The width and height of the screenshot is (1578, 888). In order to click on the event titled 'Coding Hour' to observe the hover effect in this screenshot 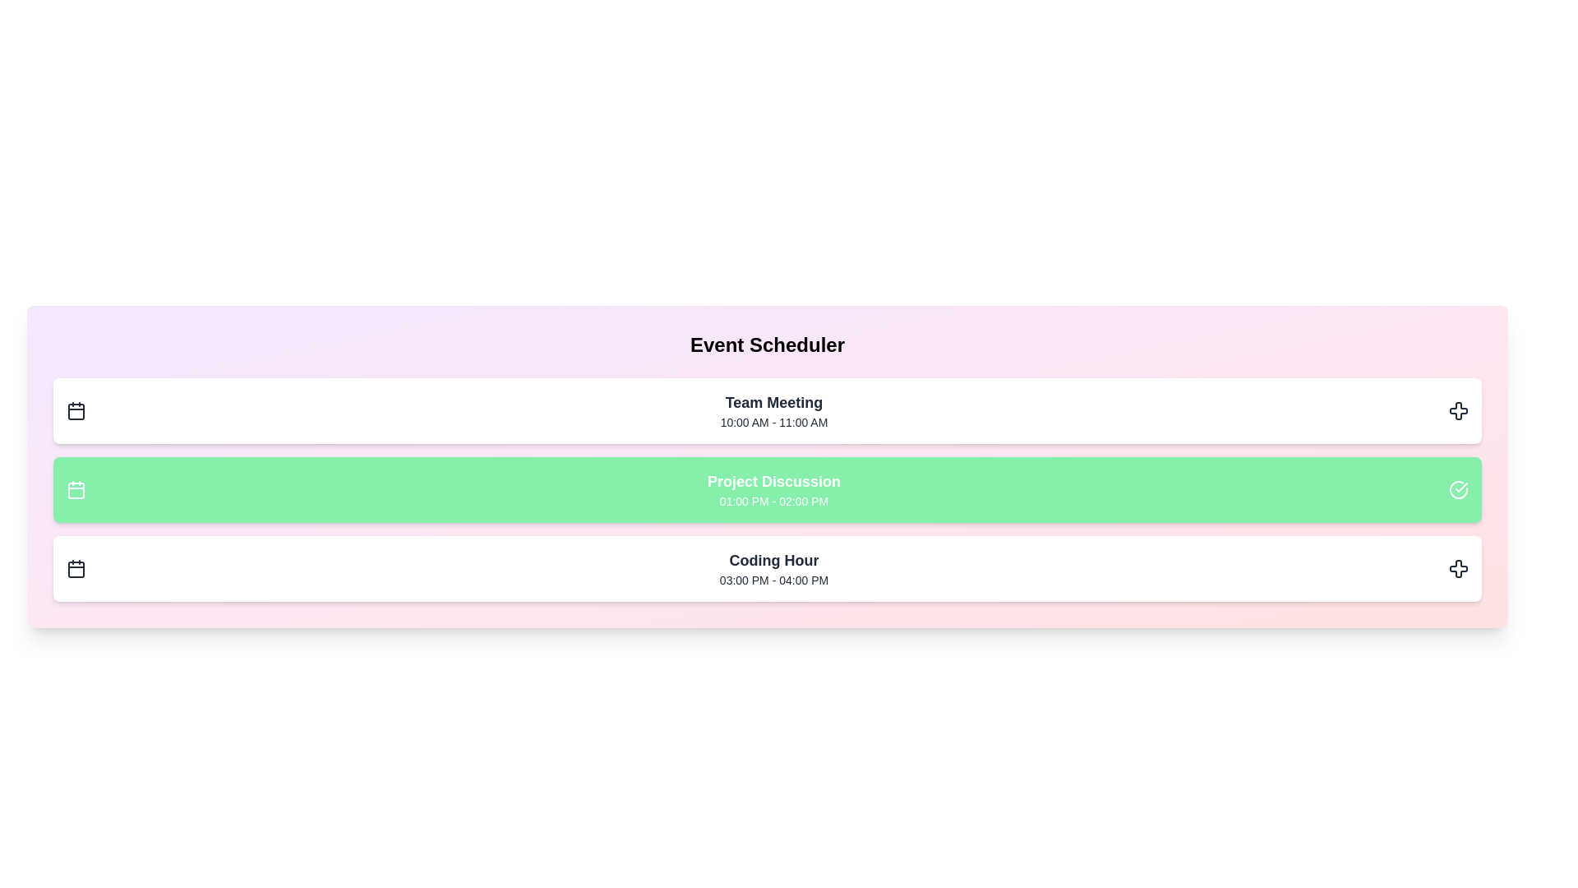, I will do `click(767, 567)`.